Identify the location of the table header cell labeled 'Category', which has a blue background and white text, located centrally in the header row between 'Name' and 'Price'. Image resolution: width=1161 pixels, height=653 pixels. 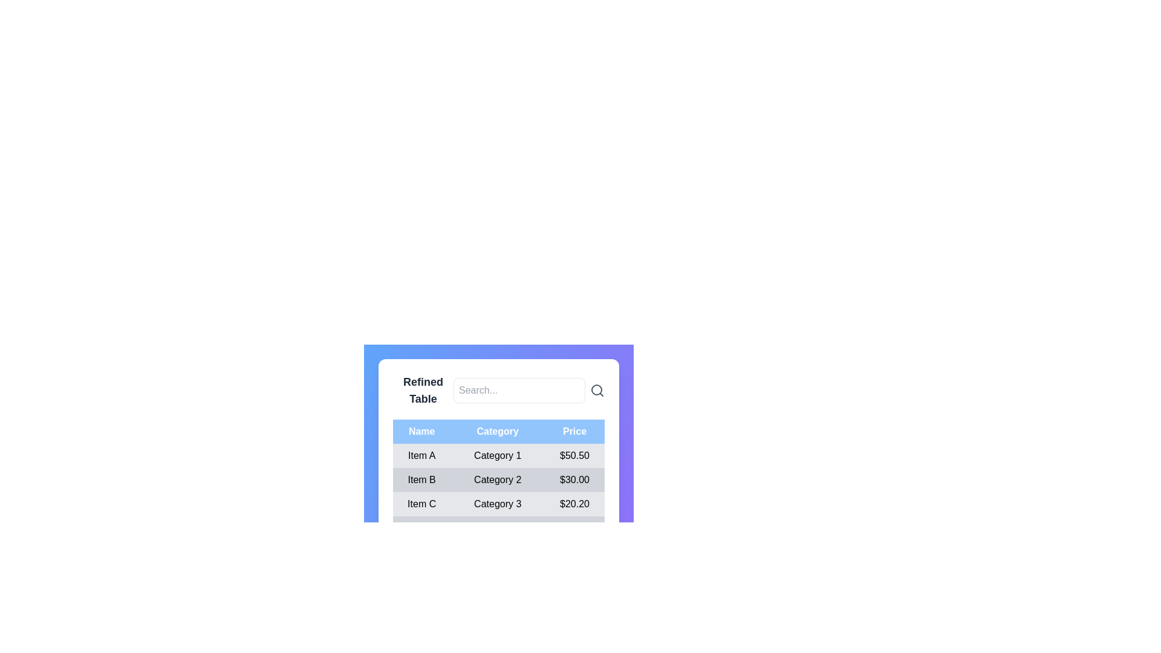
(498, 430).